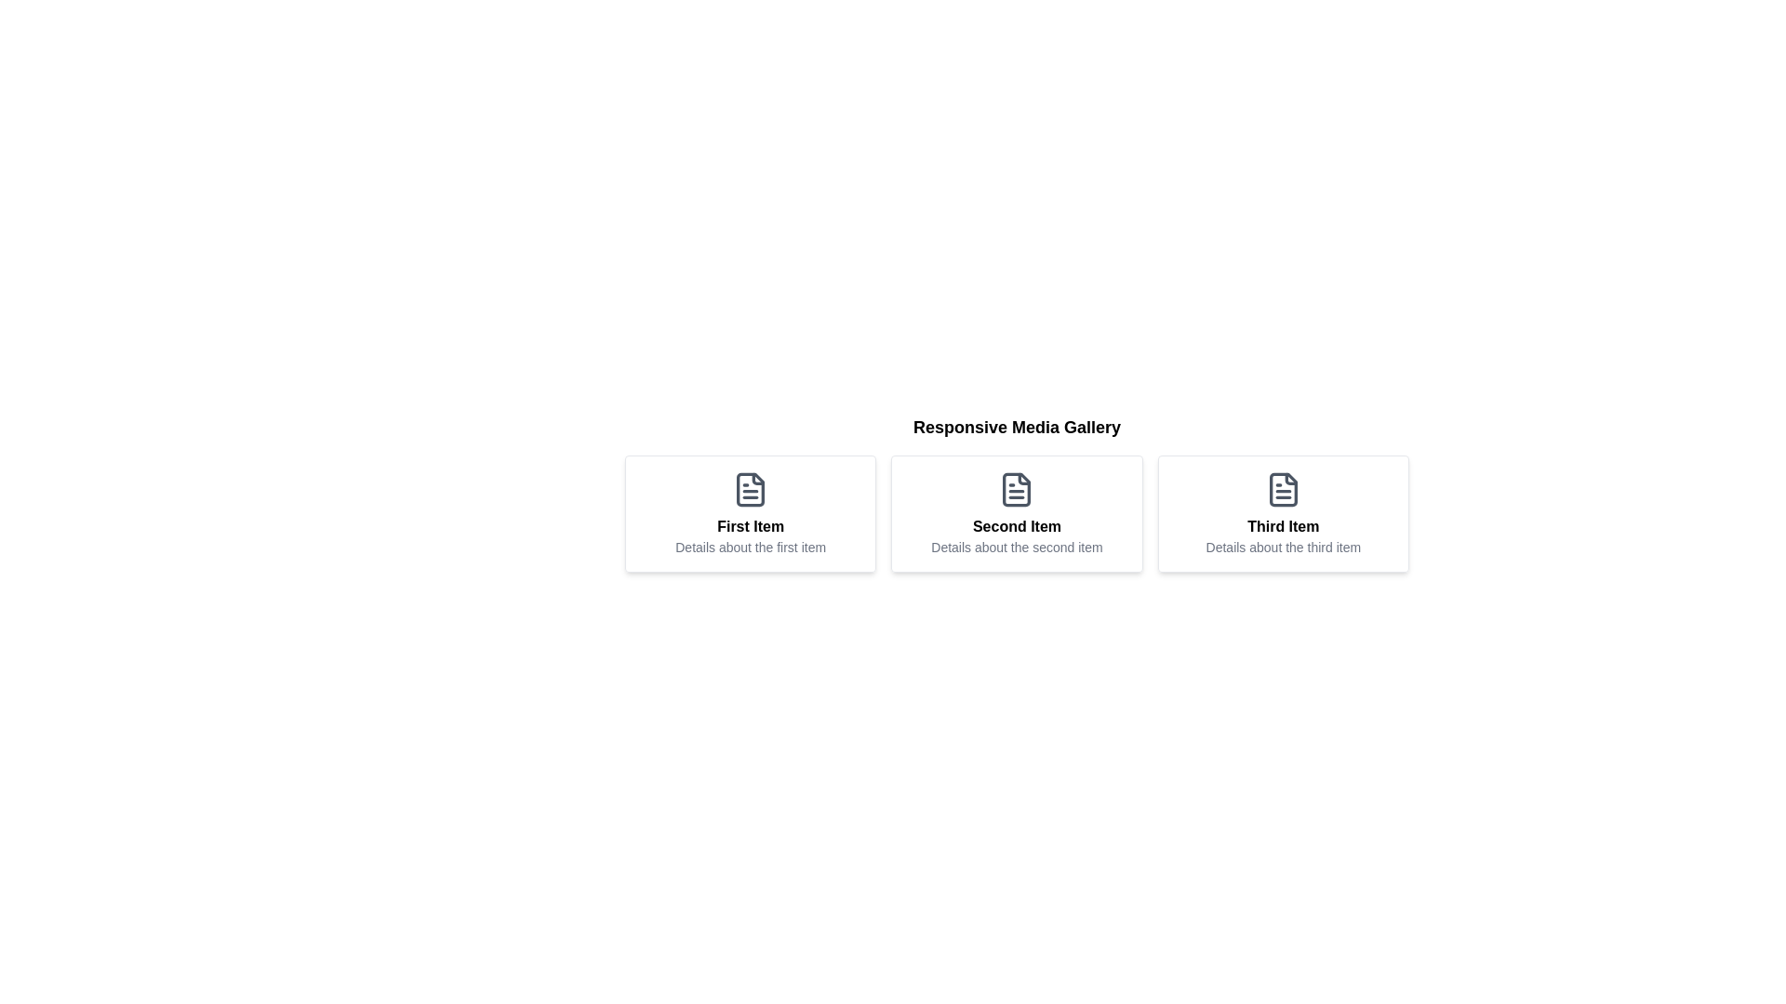  Describe the element at coordinates (1282, 547) in the screenshot. I see `the text label providing additional descriptive information about the 'Third Item' card, located below the bold 'Third Item' title within the third card` at that location.